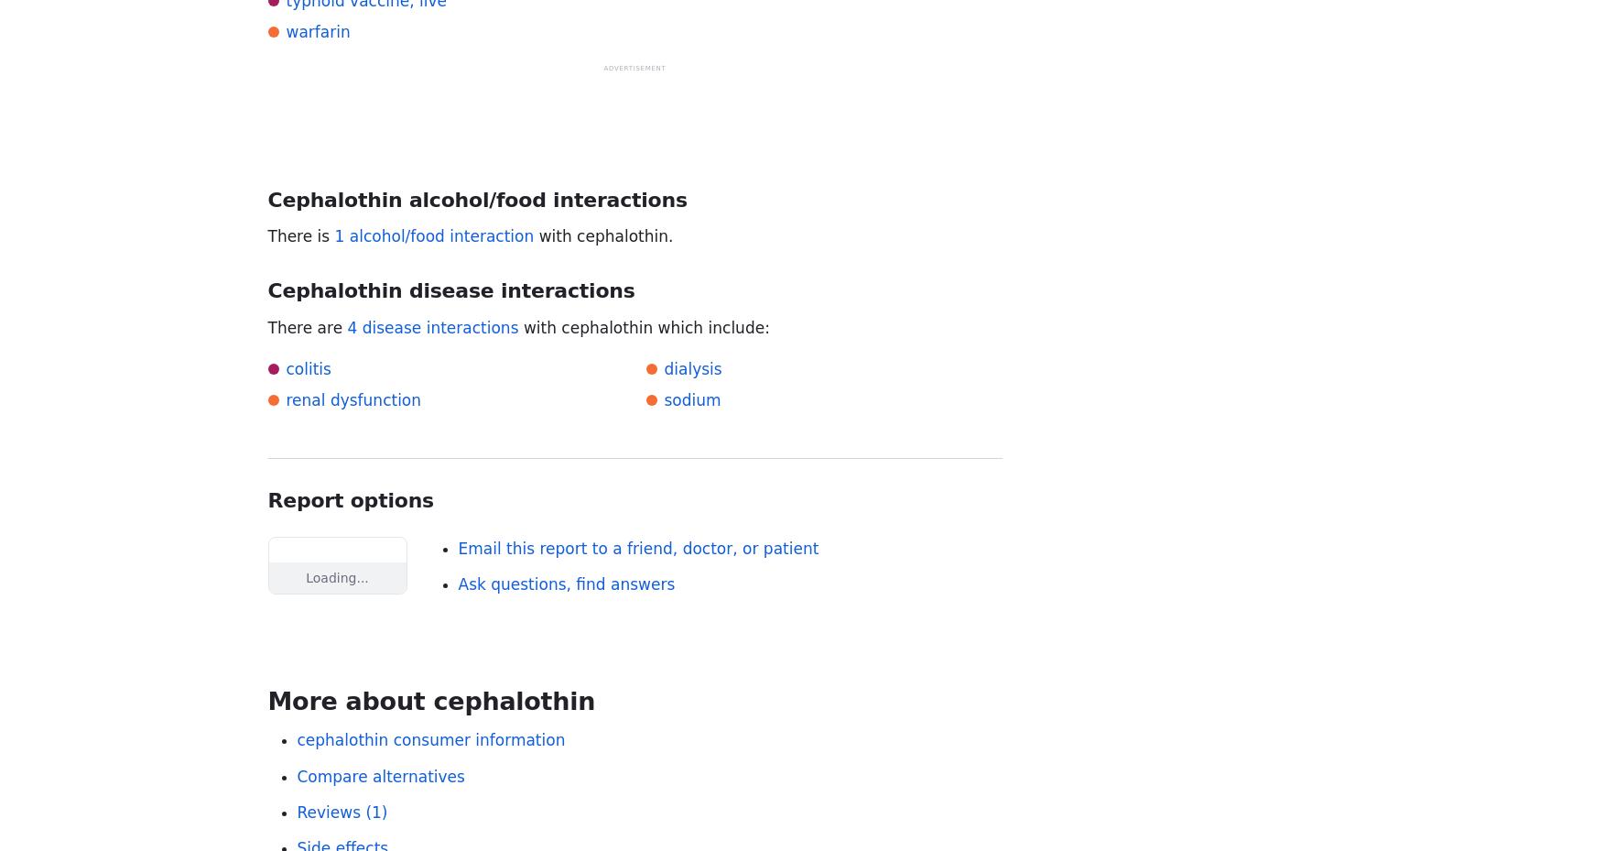 The image size is (1605, 851). Describe the element at coordinates (691, 399) in the screenshot. I see `'sodium'` at that location.